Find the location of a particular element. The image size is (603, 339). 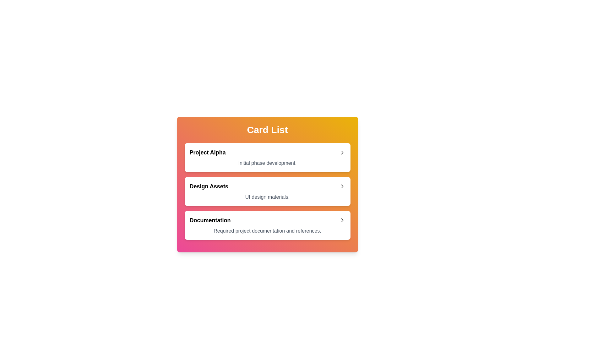

the title area of the card titled Documentation to expand or collapse it is located at coordinates (267, 220).